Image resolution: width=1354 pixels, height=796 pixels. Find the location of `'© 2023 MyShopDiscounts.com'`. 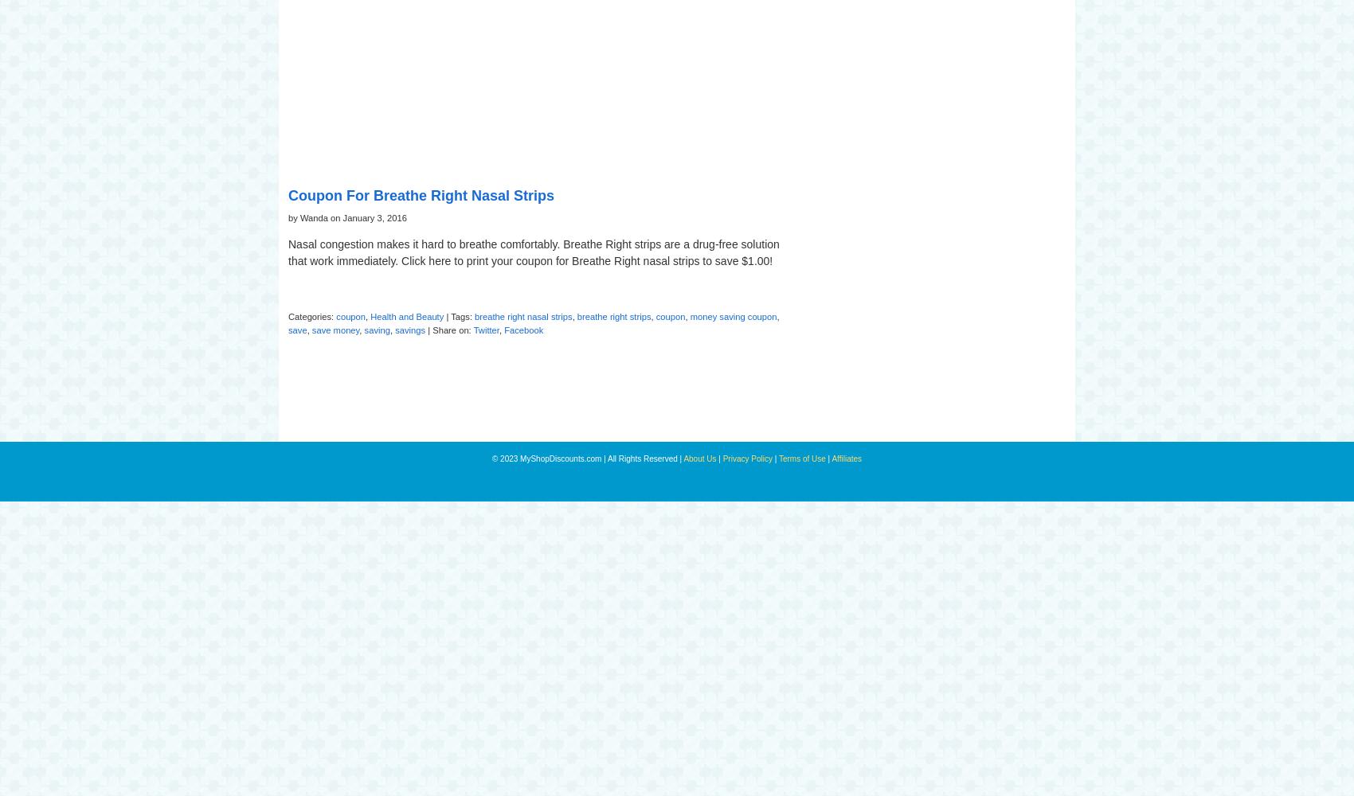

'© 2023 MyShopDiscounts.com' is located at coordinates (547, 457).